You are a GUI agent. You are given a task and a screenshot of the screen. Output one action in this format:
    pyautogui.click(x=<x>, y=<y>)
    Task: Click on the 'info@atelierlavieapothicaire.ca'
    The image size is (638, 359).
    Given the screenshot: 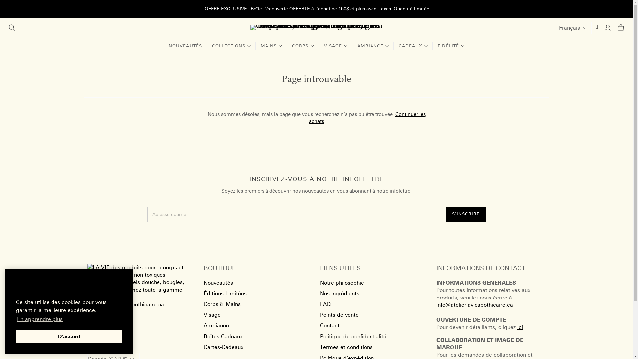 What is the action you would take?
    pyautogui.click(x=474, y=308)
    